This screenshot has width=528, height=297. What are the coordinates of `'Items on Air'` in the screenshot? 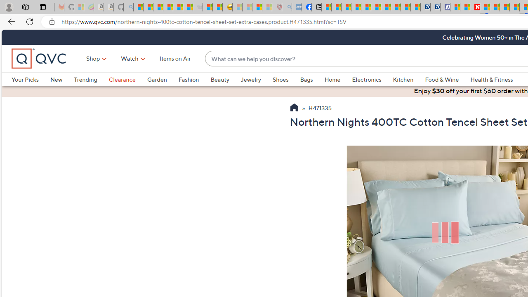 It's located at (174, 58).